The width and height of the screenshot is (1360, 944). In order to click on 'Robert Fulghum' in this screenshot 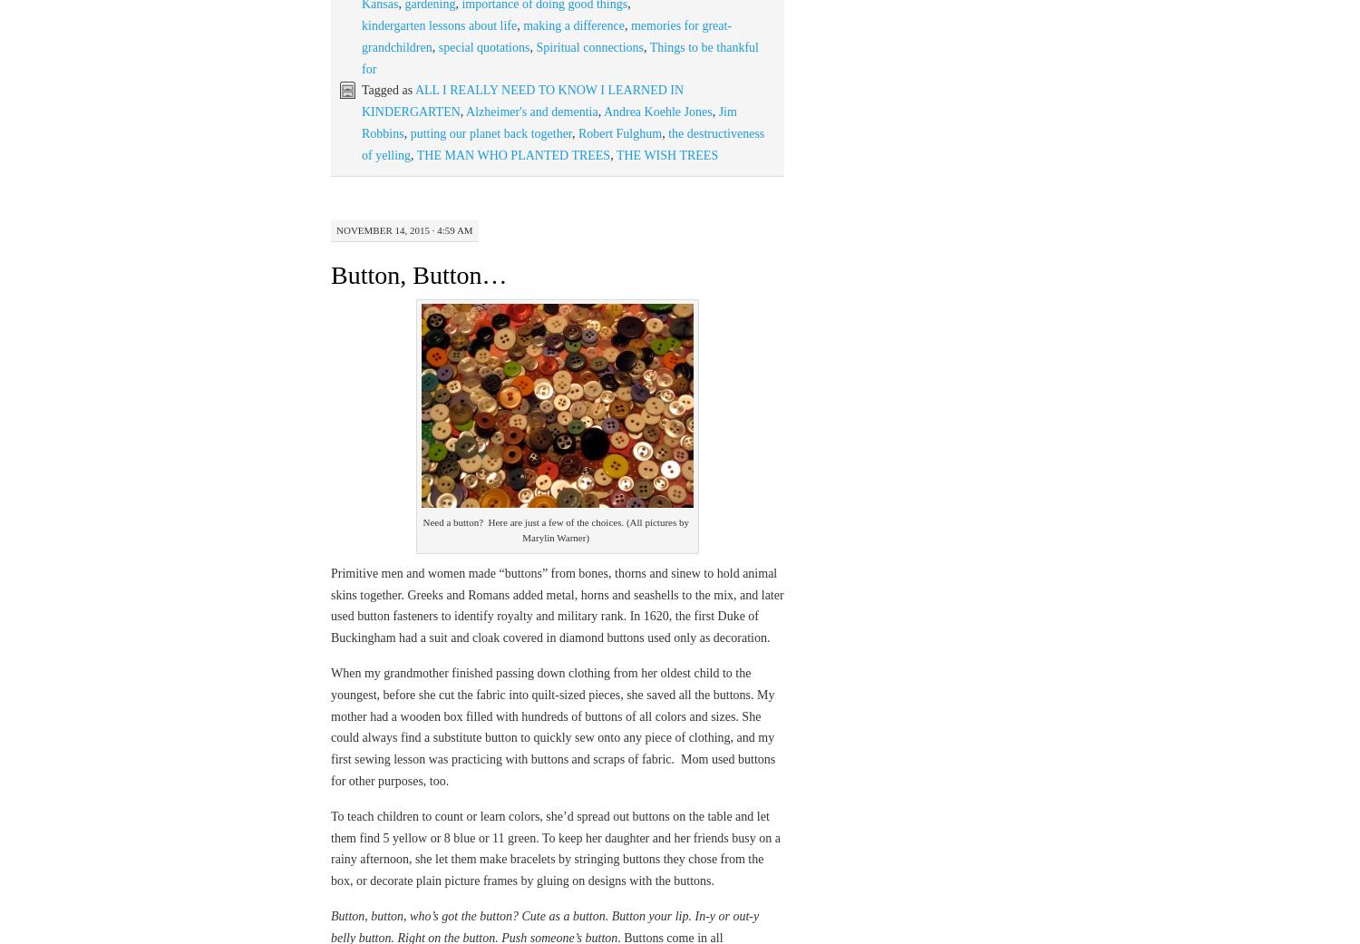, I will do `click(619, 132)`.